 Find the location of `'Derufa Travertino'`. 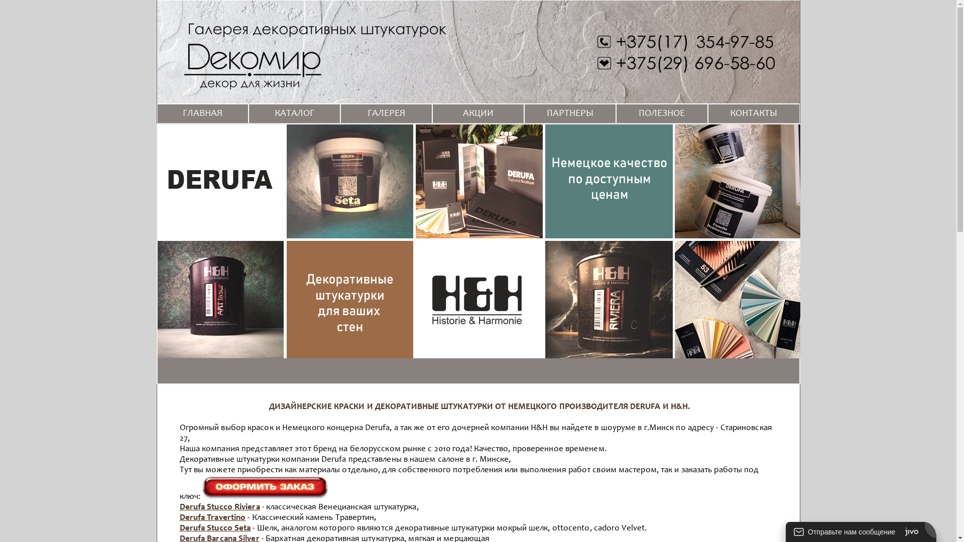

'Derufa Travertino' is located at coordinates (212, 518).